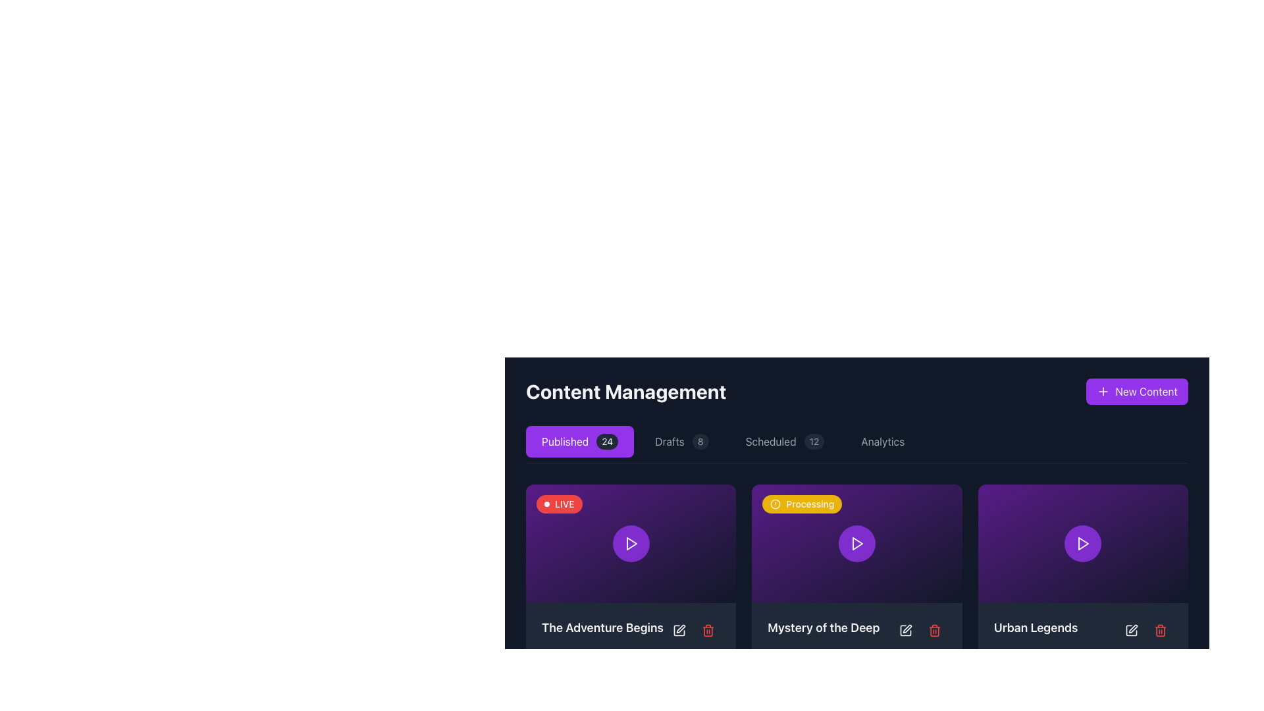 The height and width of the screenshot is (711, 1264). What do you see at coordinates (1035, 627) in the screenshot?
I see `the 'Urban Legends' text label, which is prominently displayed in a bold, larger font inside the bottom section of the third card in a three-column layout` at bounding box center [1035, 627].